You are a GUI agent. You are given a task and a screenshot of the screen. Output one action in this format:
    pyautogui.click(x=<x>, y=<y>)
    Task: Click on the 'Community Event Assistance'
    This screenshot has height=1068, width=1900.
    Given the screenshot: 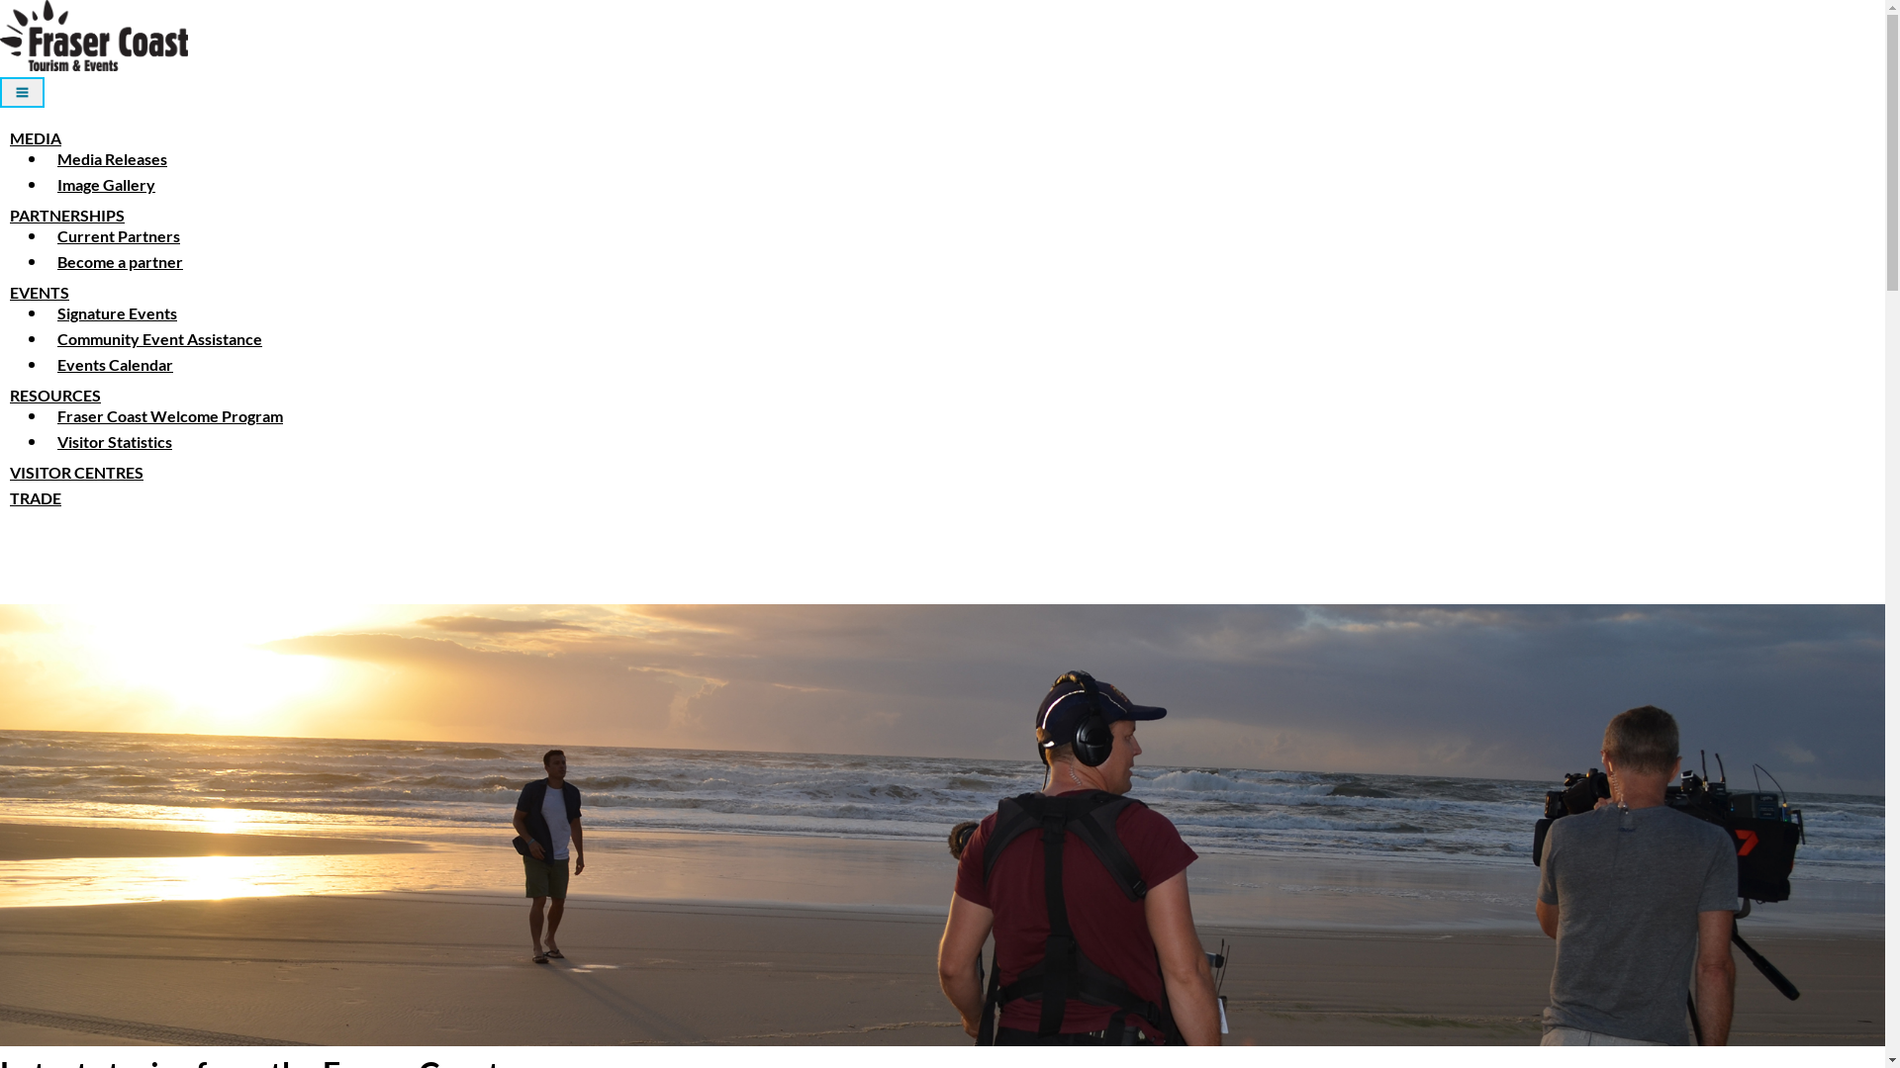 What is the action you would take?
    pyautogui.click(x=159, y=337)
    